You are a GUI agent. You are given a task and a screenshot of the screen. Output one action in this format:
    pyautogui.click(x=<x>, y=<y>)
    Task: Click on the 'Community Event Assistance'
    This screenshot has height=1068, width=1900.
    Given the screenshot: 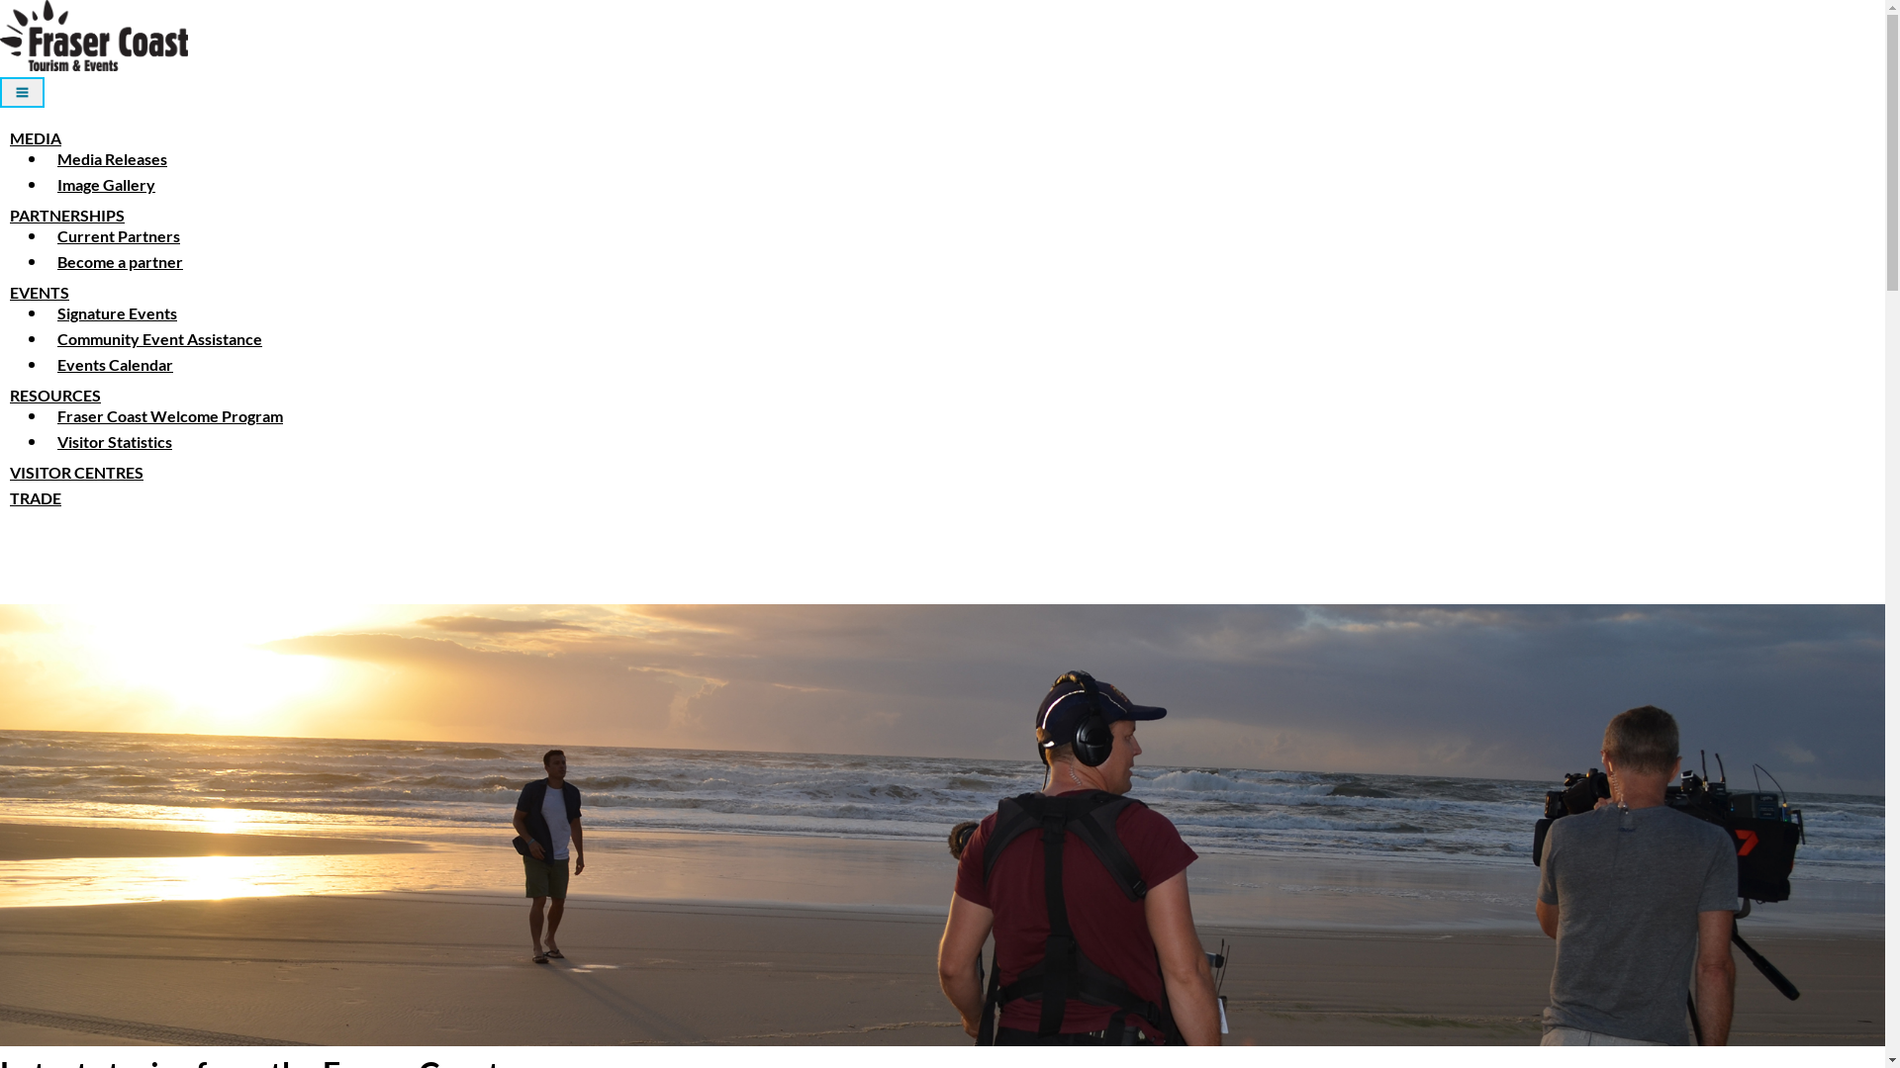 What is the action you would take?
    pyautogui.click(x=159, y=337)
    